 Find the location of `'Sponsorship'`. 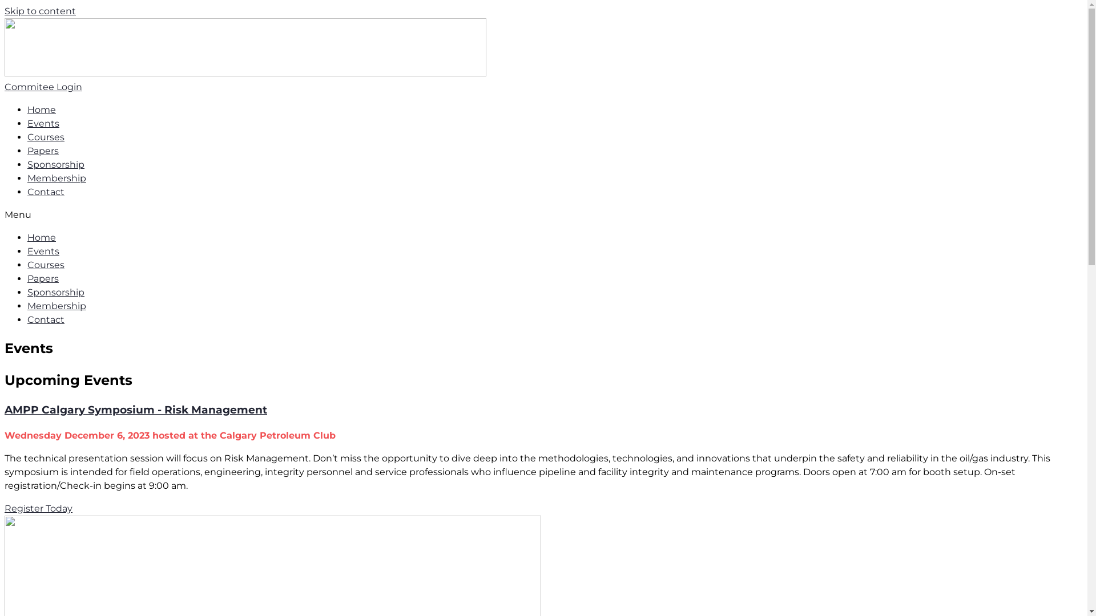

'Sponsorship' is located at coordinates (55, 164).